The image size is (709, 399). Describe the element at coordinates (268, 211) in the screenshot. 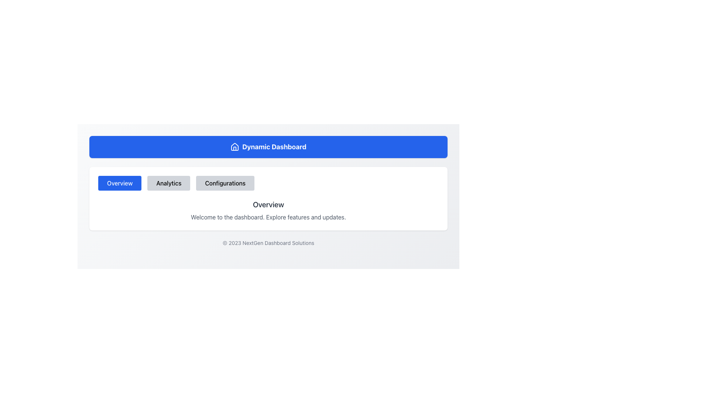

I see `the introductory text section located within a rounded white box beneath the navigation bar` at that location.